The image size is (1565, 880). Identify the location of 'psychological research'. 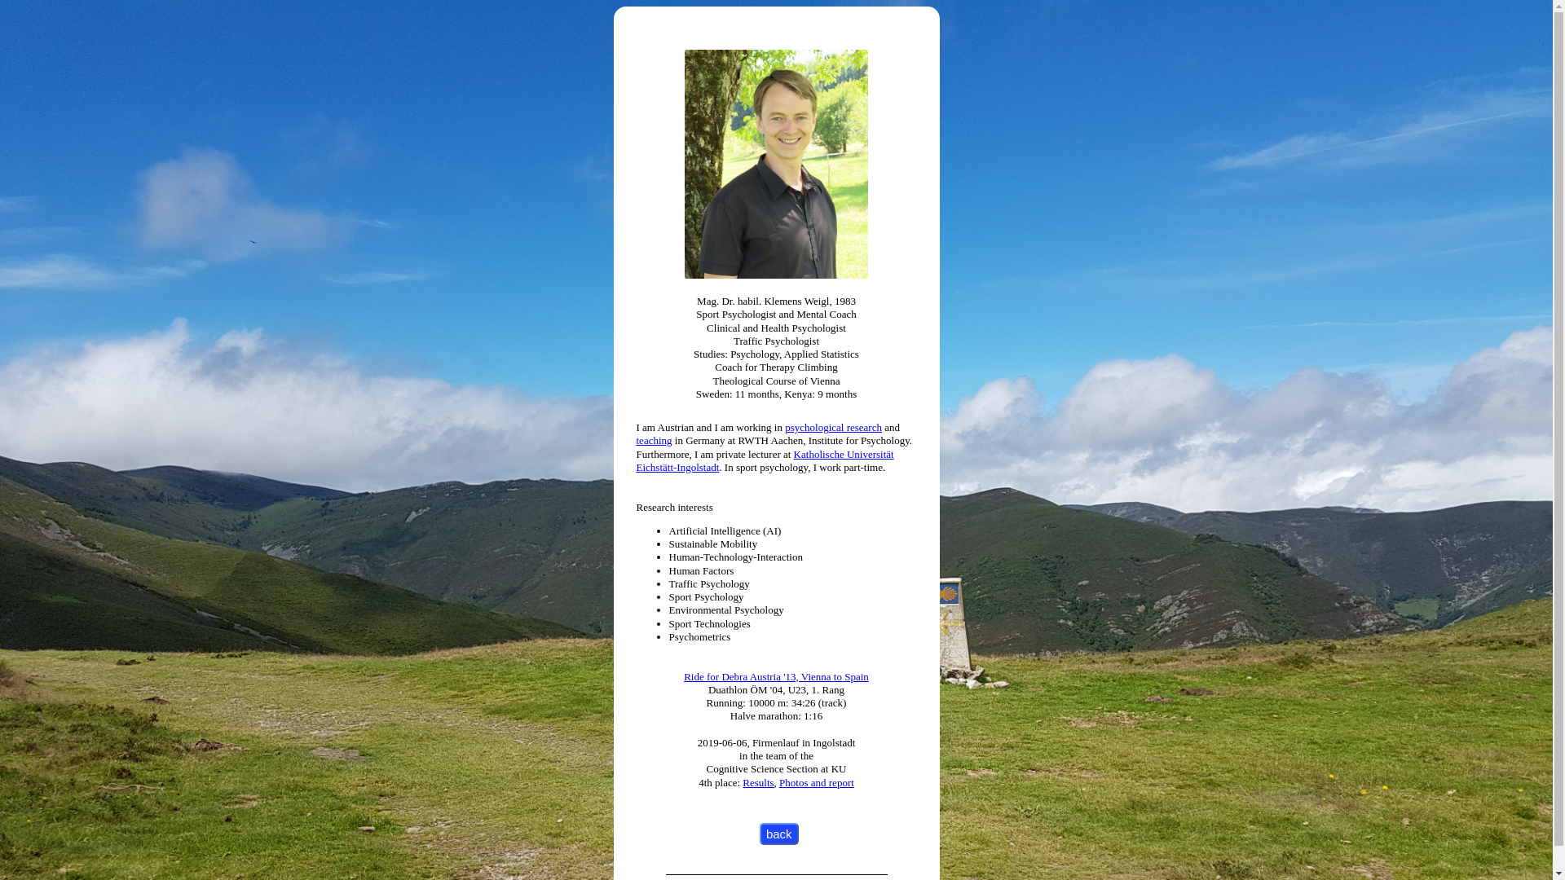
(785, 426).